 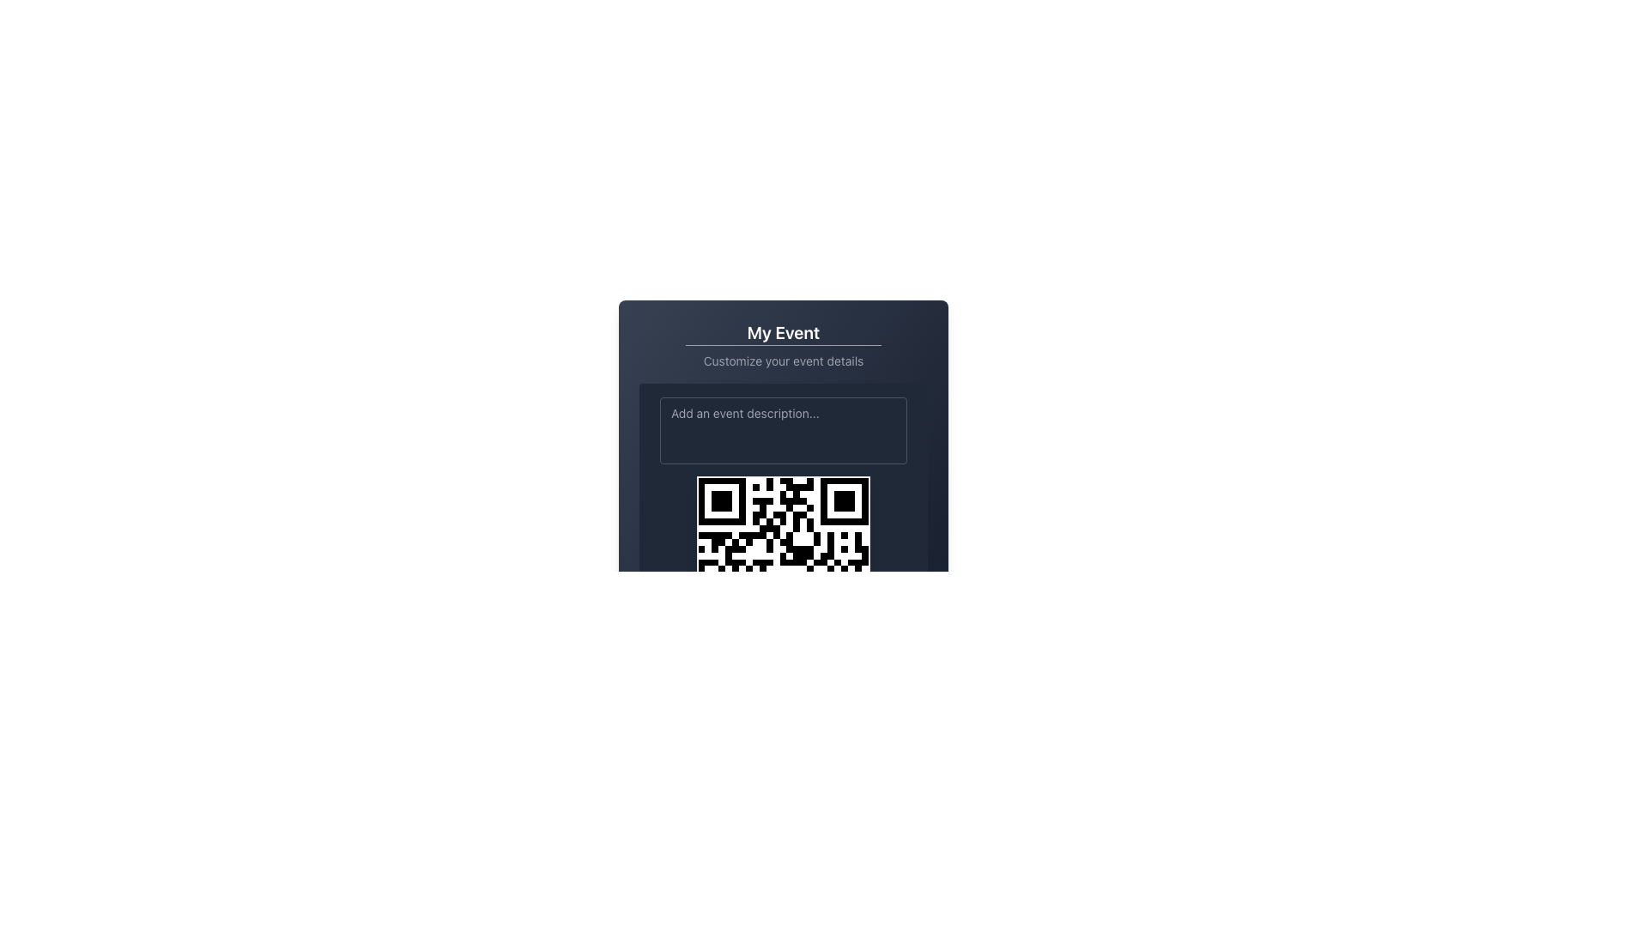 What do you see at coordinates (782, 360) in the screenshot?
I see `the Text Label that provides descriptive instructions related to event customization, positioned below the 'My Event' title label` at bounding box center [782, 360].